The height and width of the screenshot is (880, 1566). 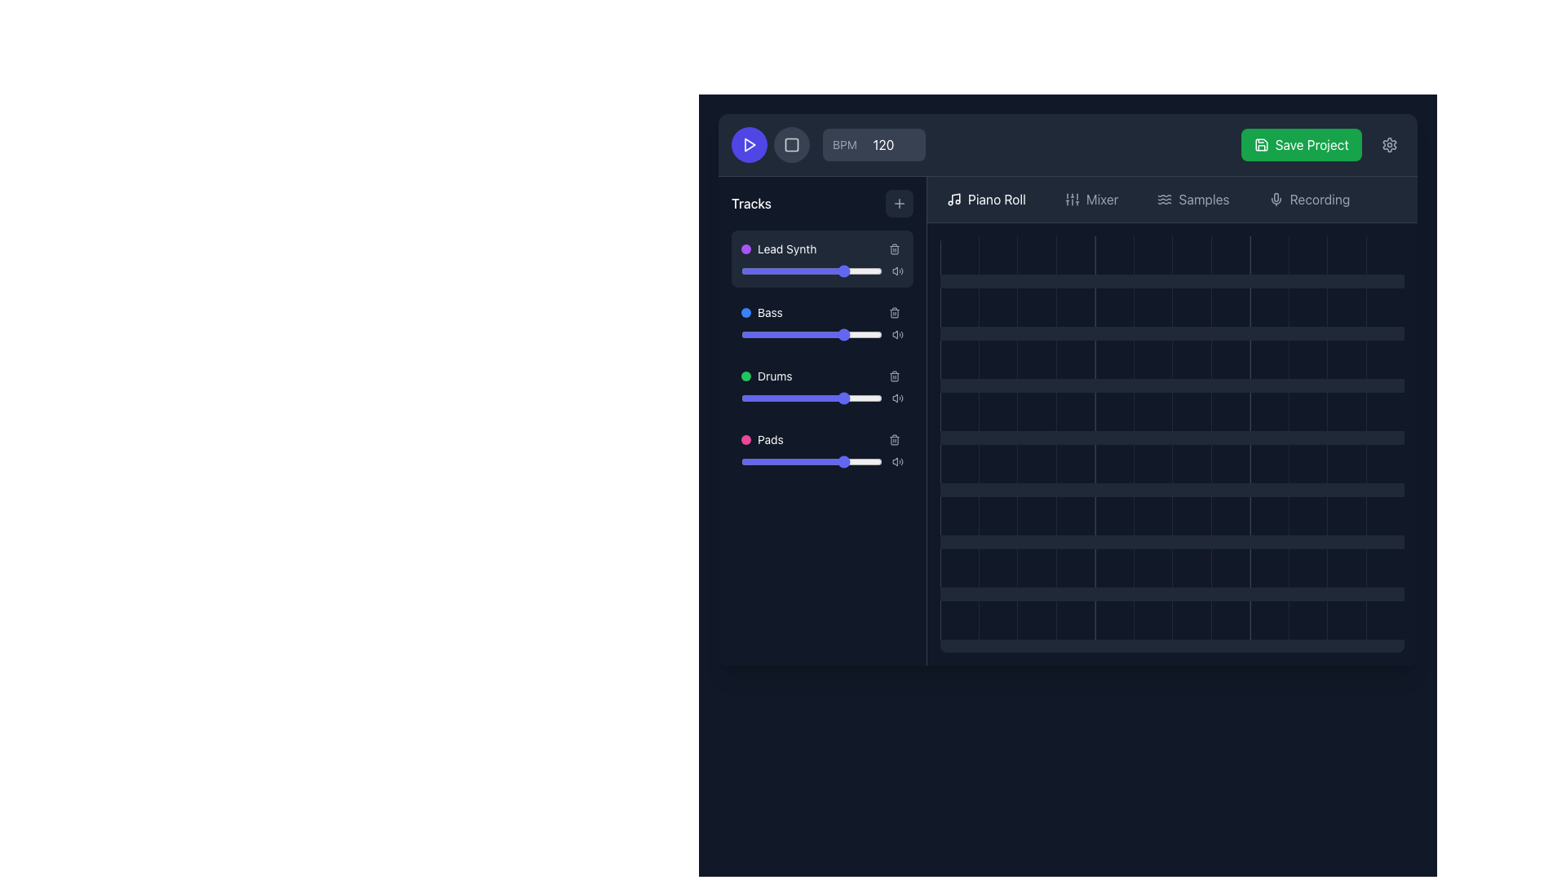 What do you see at coordinates (865, 376) in the screenshot?
I see `the volume for the 'Drums' track` at bounding box center [865, 376].